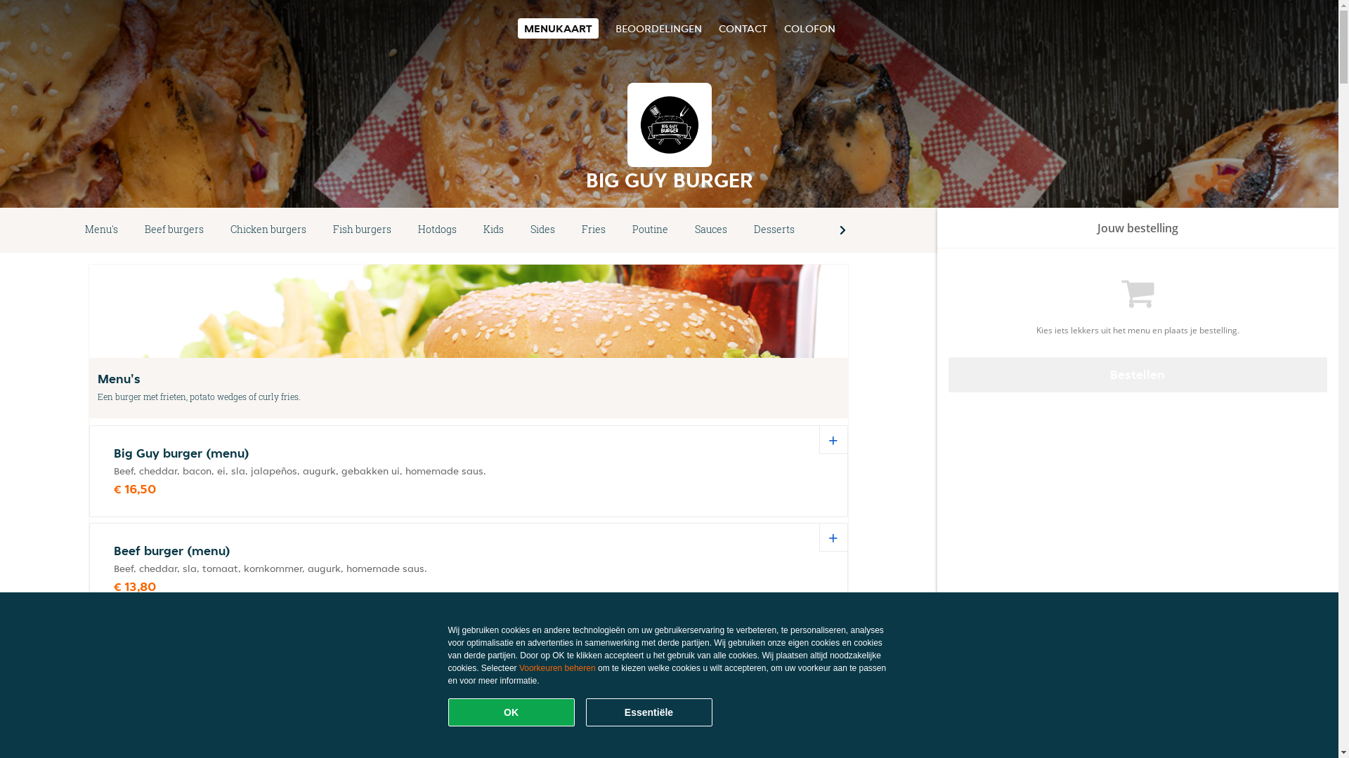 Image resolution: width=1349 pixels, height=758 pixels. What do you see at coordinates (436, 229) in the screenshot?
I see `'Hotdogs'` at bounding box center [436, 229].